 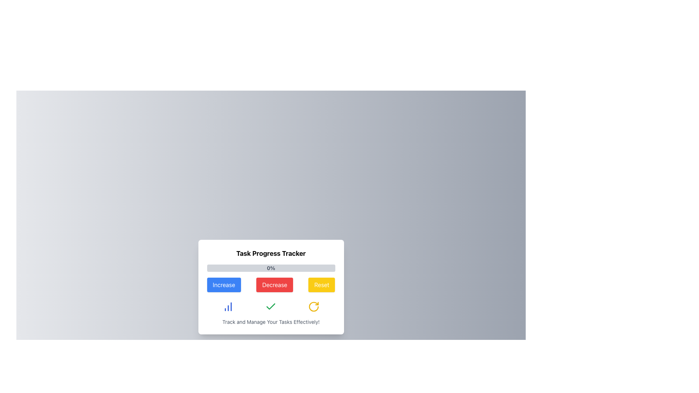 What do you see at coordinates (313, 307) in the screenshot?
I see `the reset button, which is the rightmost button in a row of three buttons below the progress bar` at bounding box center [313, 307].